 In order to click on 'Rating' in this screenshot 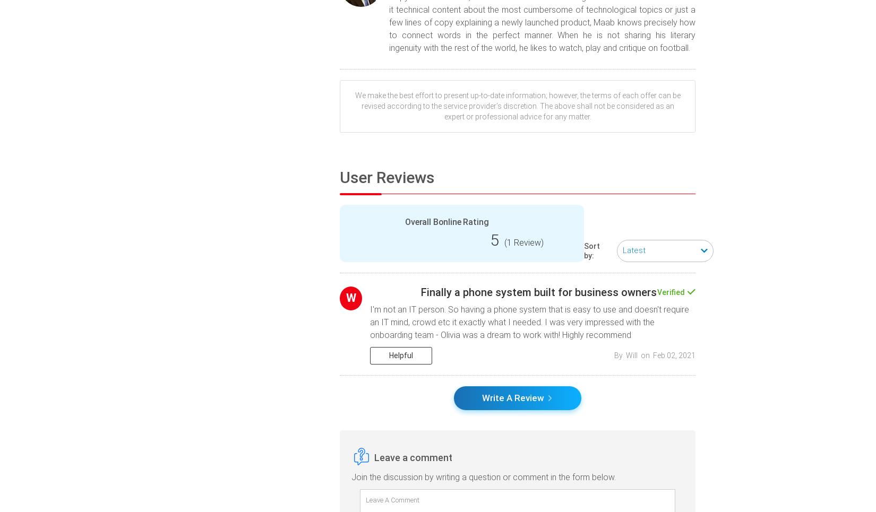, I will do `click(475, 222)`.